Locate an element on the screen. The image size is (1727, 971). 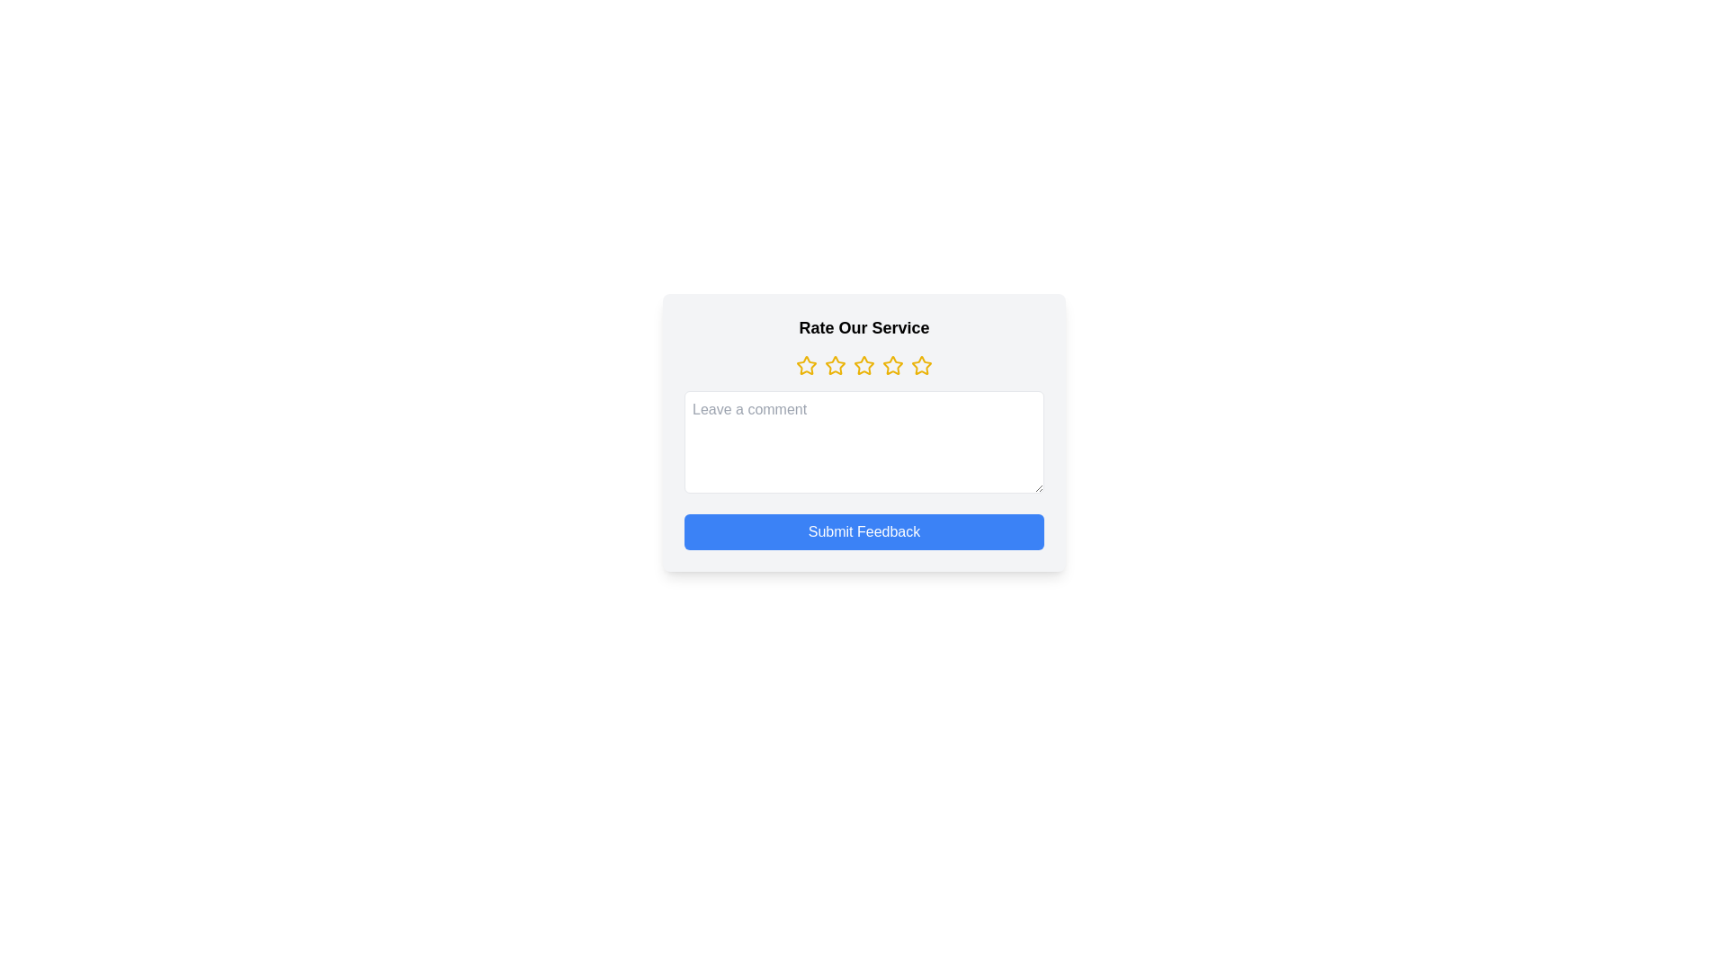
the fifth golden star in the rating system is located at coordinates (922, 364).